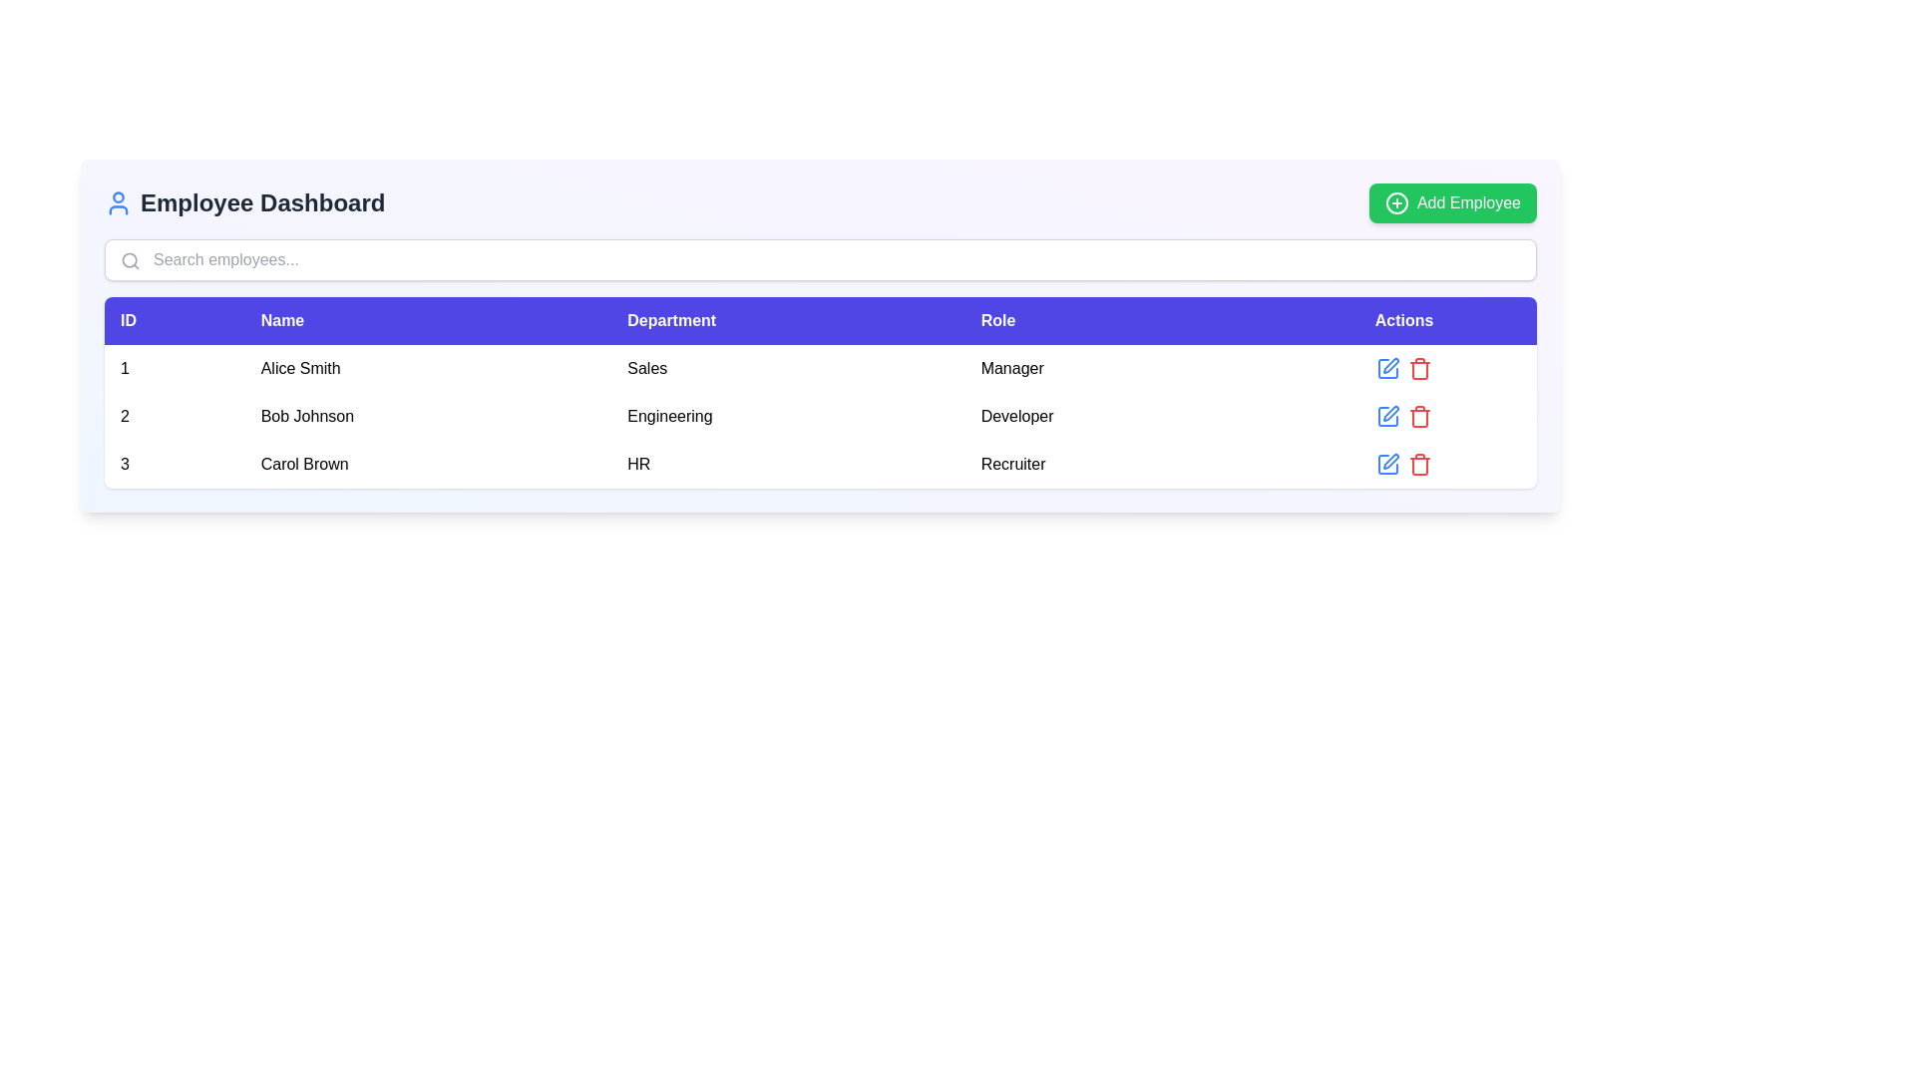 The image size is (1915, 1077). Describe the element at coordinates (1387, 415) in the screenshot. I see `the edit icon represented by a square with a pen symbol in the Actions column of the second row, corresponding to user 'Bob Johnson'` at that location.